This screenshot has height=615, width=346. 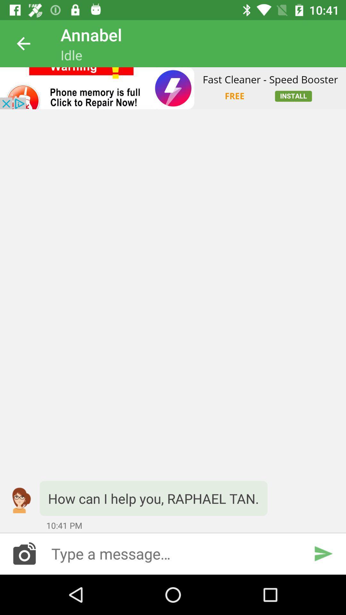 I want to click on camera, so click(x=24, y=553).